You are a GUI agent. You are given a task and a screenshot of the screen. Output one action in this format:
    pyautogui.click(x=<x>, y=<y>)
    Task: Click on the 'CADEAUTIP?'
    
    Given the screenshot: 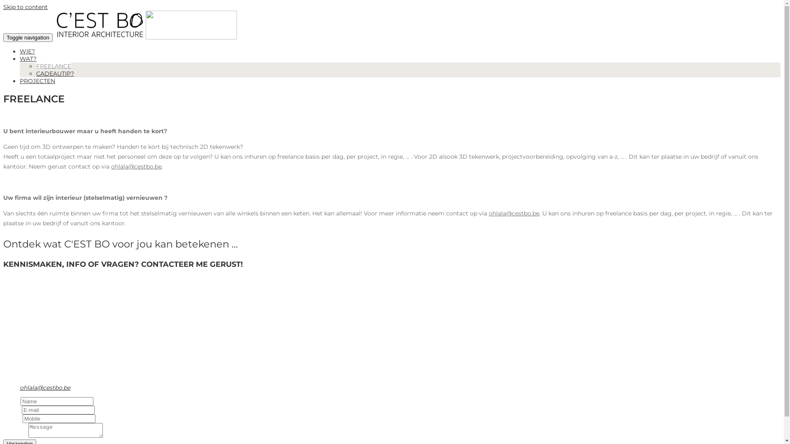 What is the action you would take?
    pyautogui.click(x=35, y=73)
    